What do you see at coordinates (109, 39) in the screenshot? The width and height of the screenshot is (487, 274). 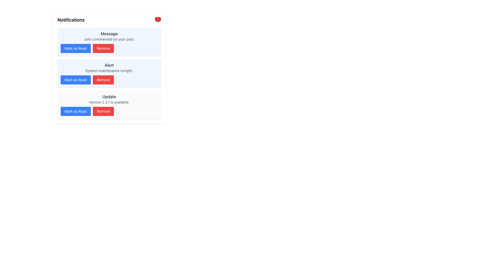 I see `the notification message text label located in the first notification card under the heading 'Message.'` at bounding box center [109, 39].